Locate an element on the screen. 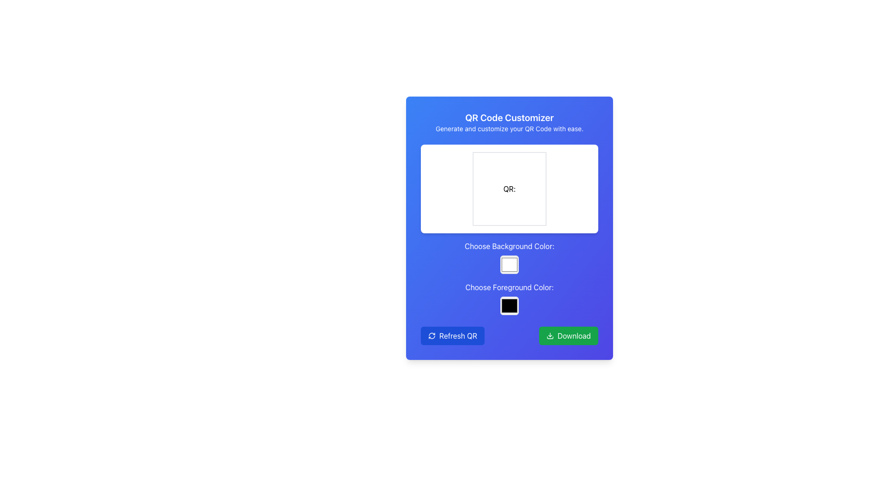  the 'Download' button located at the bottom-right corner of the card-like interface, which contains a small download icon with a white downwards arrow on a green background is located at coordinates (550, 335).